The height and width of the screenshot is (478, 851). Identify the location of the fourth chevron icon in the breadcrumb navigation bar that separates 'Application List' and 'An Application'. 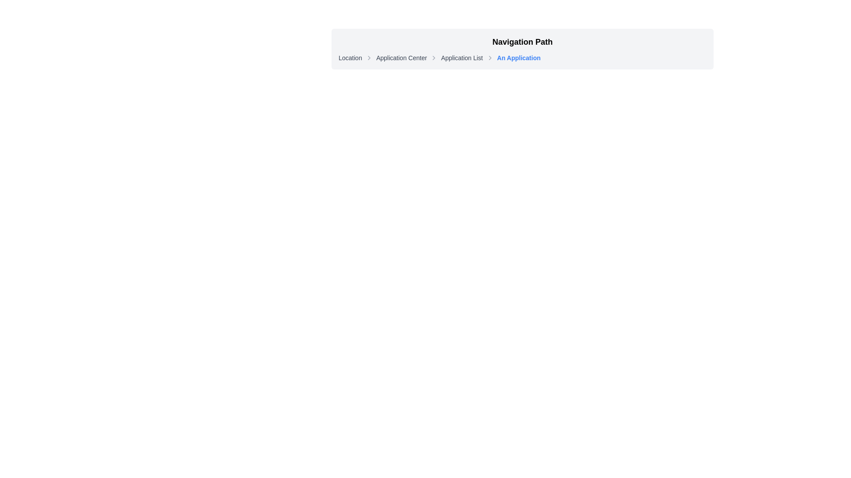
(489, 58).